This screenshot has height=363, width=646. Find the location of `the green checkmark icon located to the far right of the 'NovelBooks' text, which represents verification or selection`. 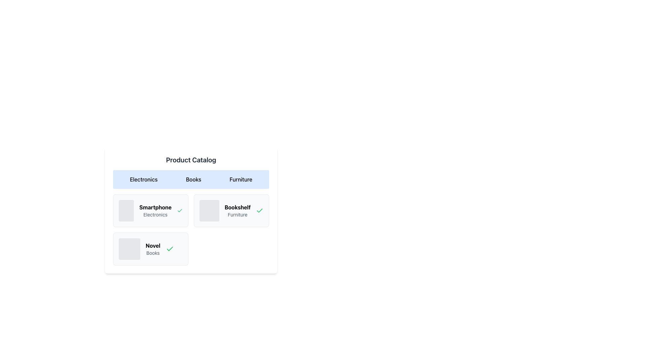

the green checkmark icon located to the far right of the 'NovelBooks' text, which represents verification or selection is located at coordinates (170, 249).